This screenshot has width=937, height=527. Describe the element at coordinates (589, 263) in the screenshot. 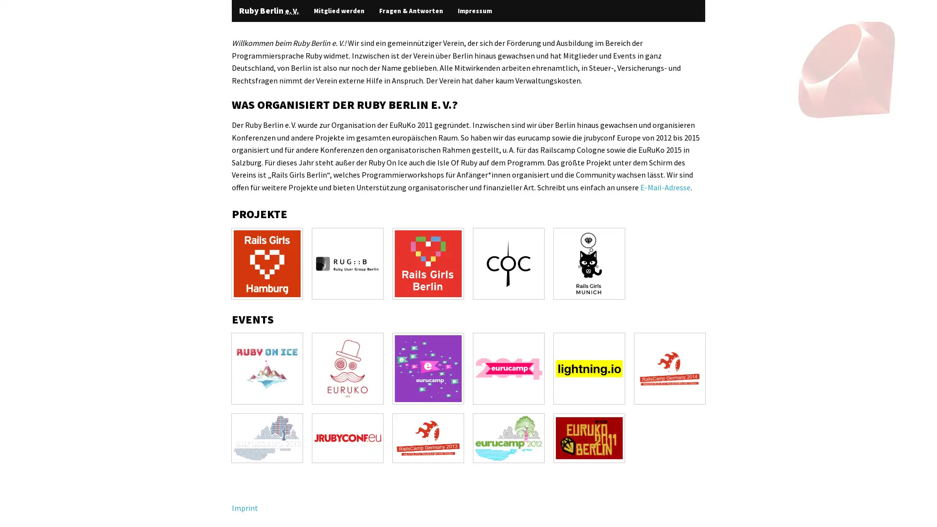

I see `Rails girls munich` at that location.